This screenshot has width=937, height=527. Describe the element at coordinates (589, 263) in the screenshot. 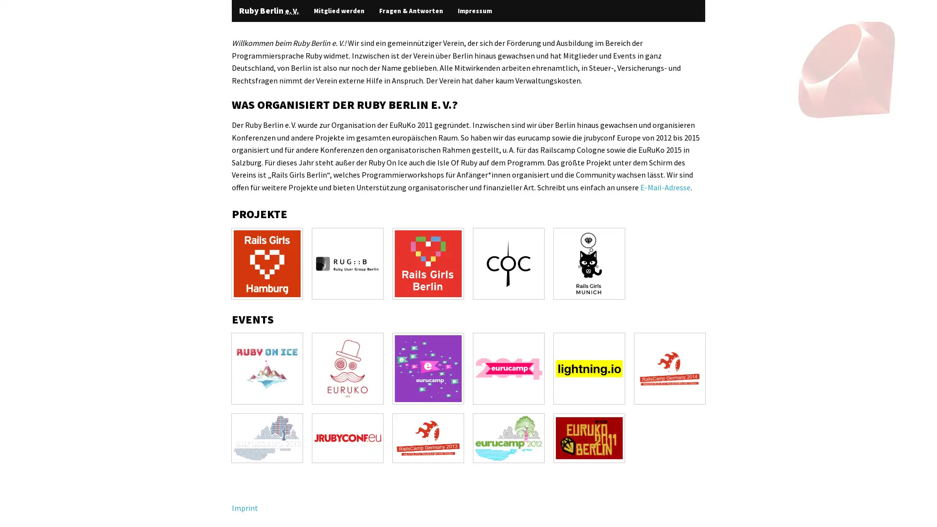

I see `Rails girls munich` at that location.